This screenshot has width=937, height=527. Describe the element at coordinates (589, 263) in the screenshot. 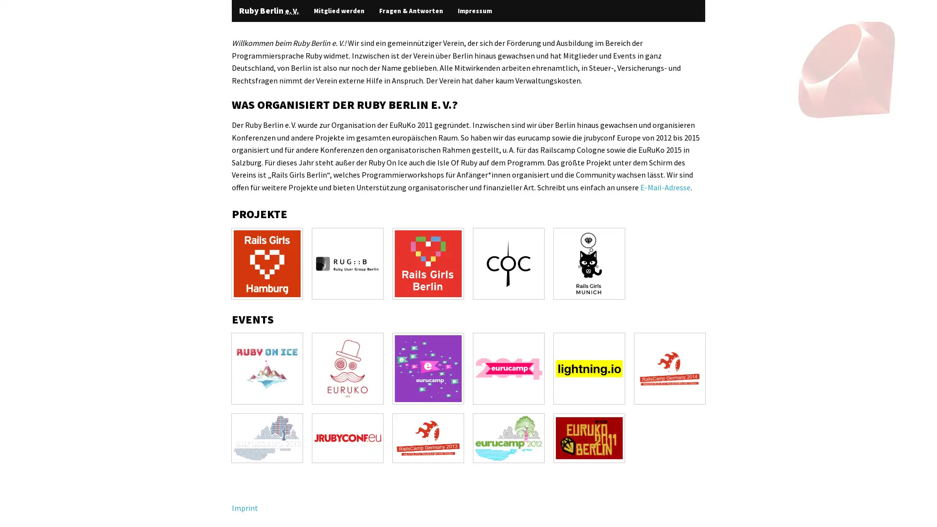

I see `Rails girls munich` at that location.